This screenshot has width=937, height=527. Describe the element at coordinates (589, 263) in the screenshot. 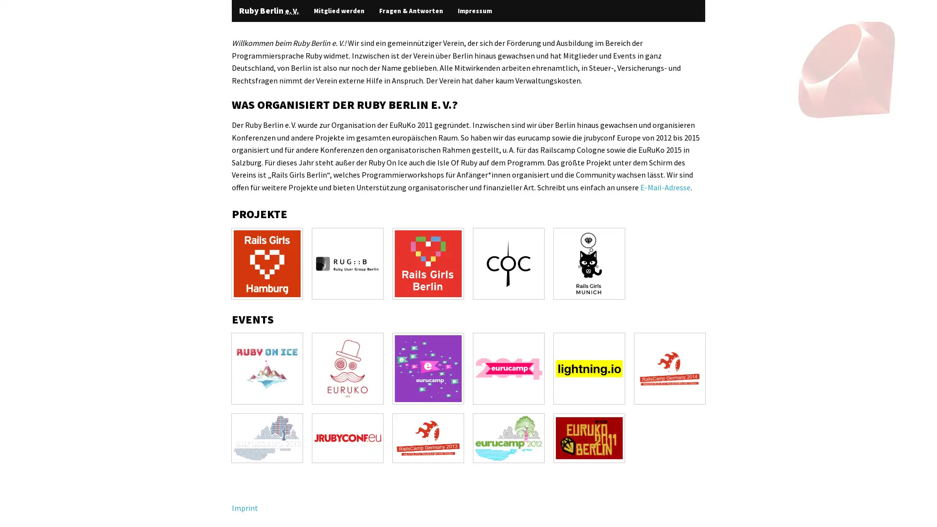

I see `Rails girls munich` at that location.